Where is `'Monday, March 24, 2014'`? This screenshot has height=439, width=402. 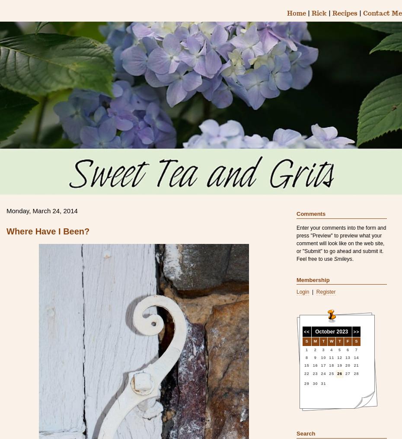 'Monday, March 24, 2014' is located at coordinates (41, 210).